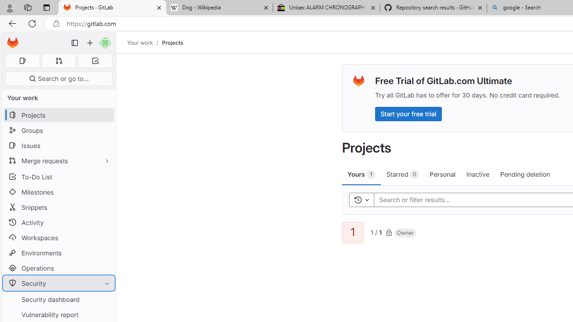  What do you see at coordinates (58, 253) in the screenshot?
I see `'Environments'` at bounding box center [58, 253].